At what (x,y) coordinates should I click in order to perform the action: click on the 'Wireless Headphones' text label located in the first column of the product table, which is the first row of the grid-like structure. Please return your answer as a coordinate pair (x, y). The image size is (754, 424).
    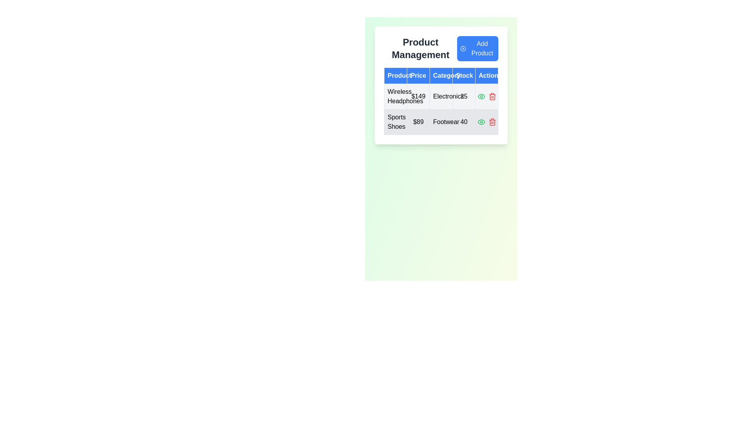
    Looking at the image, I should click on (395, 96).